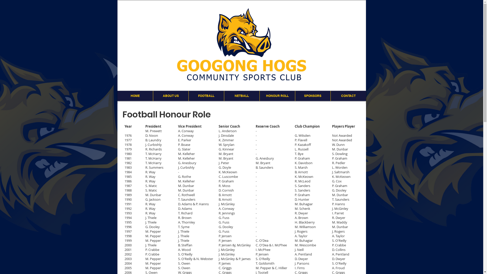 The image size is (487, 274). I want to click on 'NETBALL', so click(223, 96).